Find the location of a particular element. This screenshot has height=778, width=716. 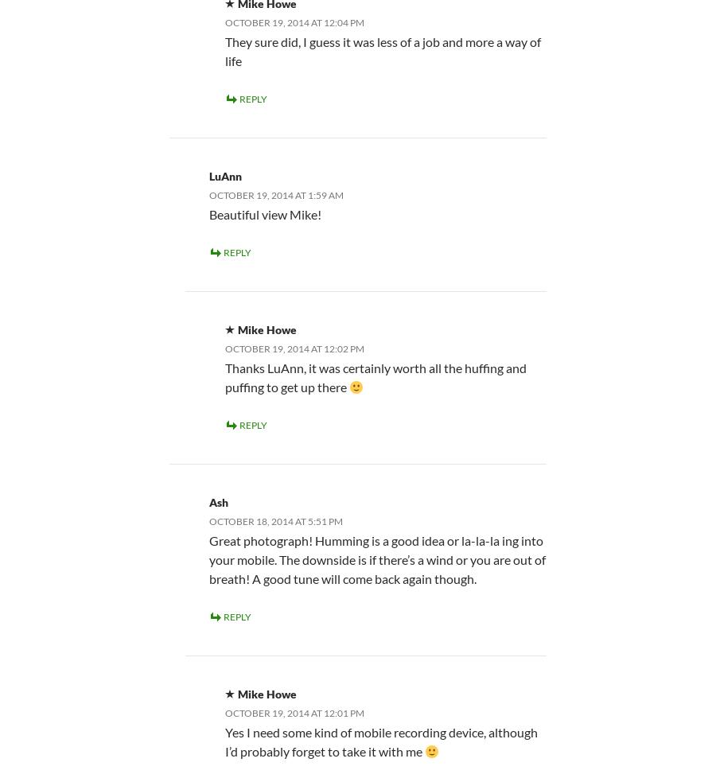

'October 18, 2014 at 5:51 pm' is located at coordinates (208, 520).